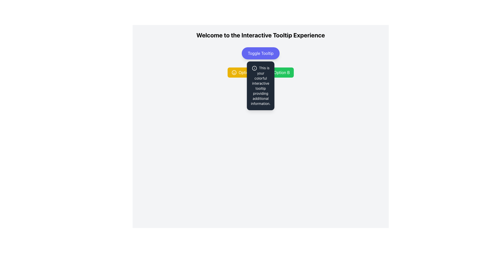 This screenshot has height=273, width=485. Describe the element at coordinates (261, 85) in the screenshot. I see `the tooltip that provides contextual information located below the 'Toggle Tooltip' button, which is horizontally centered with it` at that location.